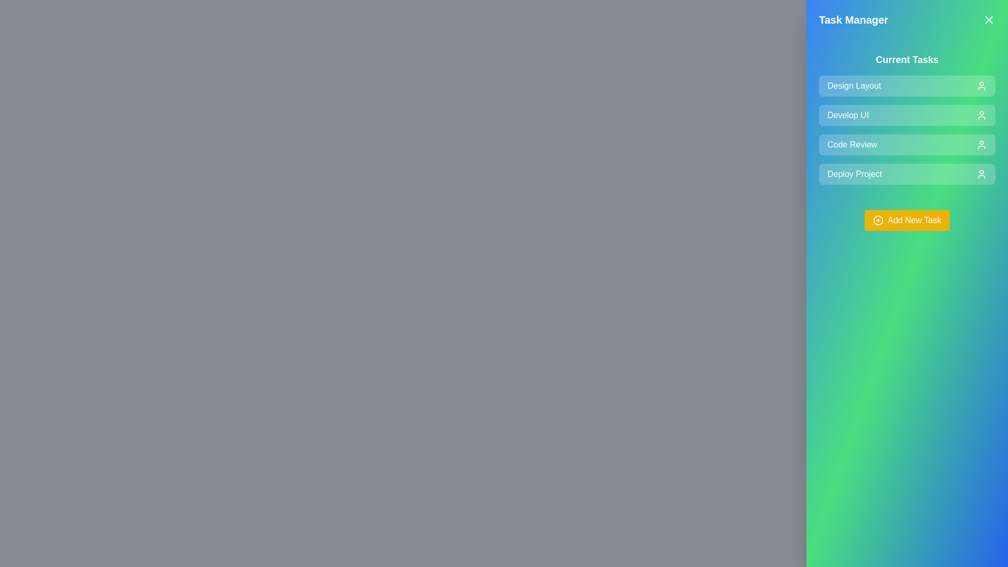 This screenshot has width=1008, height=567. I want to click on the 'Design Layout' task in the 'Current Tasks' section to focus on the task, so click(907, 86).